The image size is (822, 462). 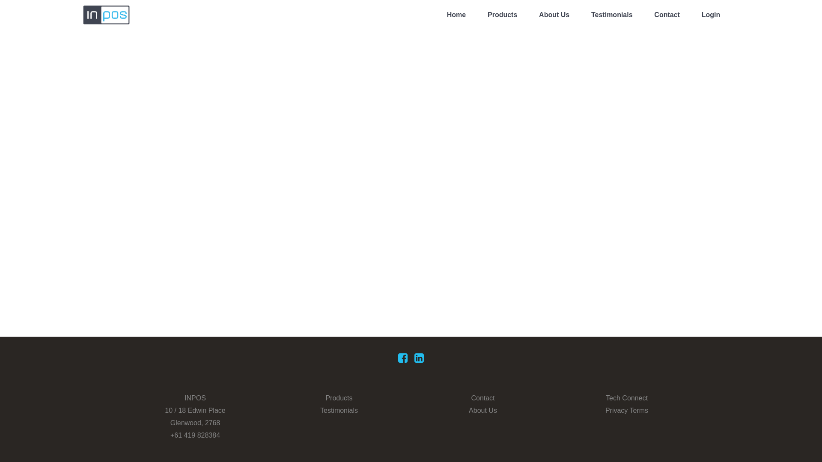 I want to click on 'Login', so click(x=711, y=15).